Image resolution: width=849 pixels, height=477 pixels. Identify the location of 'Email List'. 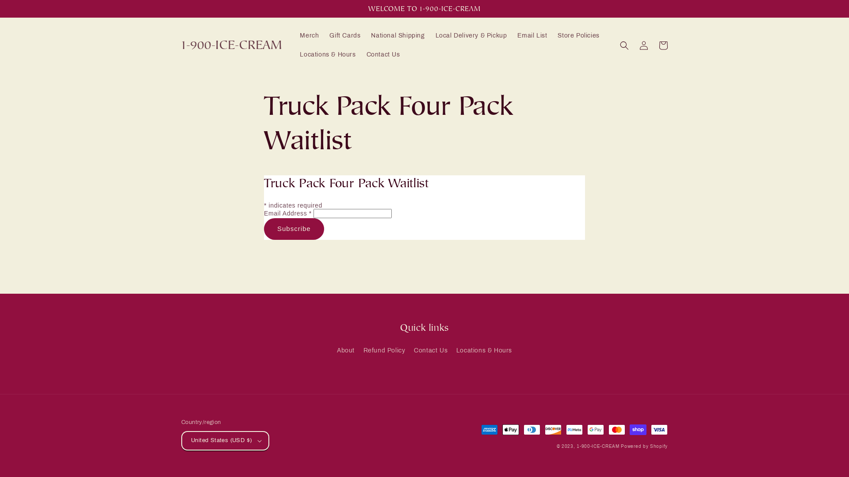
(532, 35).